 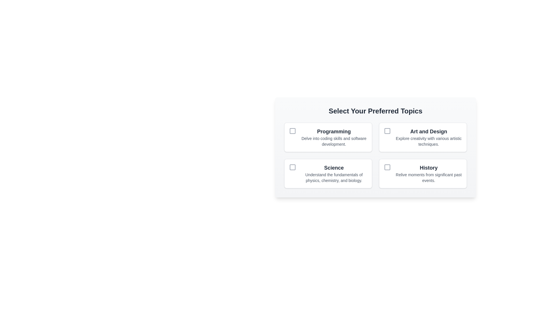 I want to click on the static text label displaying 'History', which is bold and large in gray-black color, located in the bottom-right quadrant of the grid, so click(x=429, y=168).